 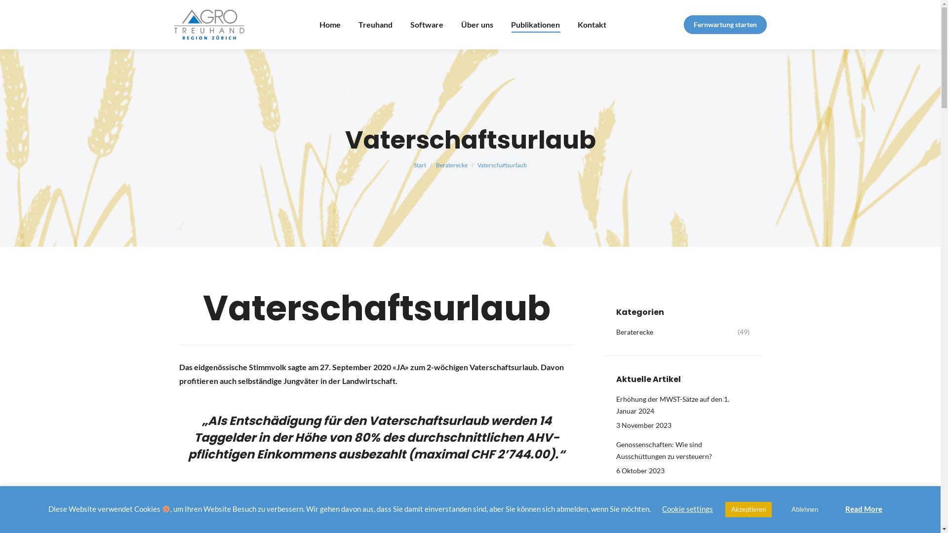 I want to click on 'Kommentar abschicken', so click(x=47, y=11).